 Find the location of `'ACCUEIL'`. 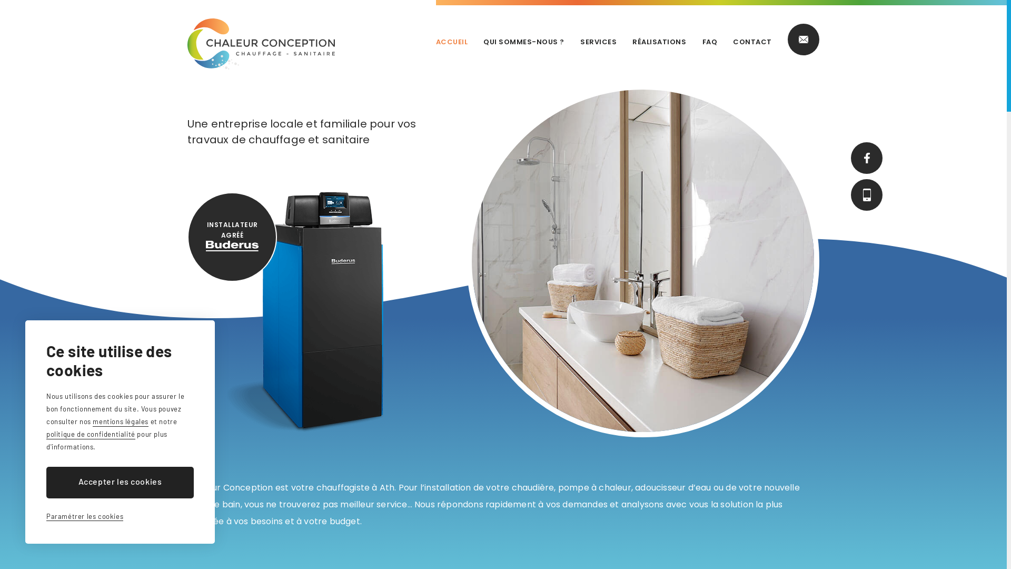

'ACCUEIL' is located at coordinates (452, 42).